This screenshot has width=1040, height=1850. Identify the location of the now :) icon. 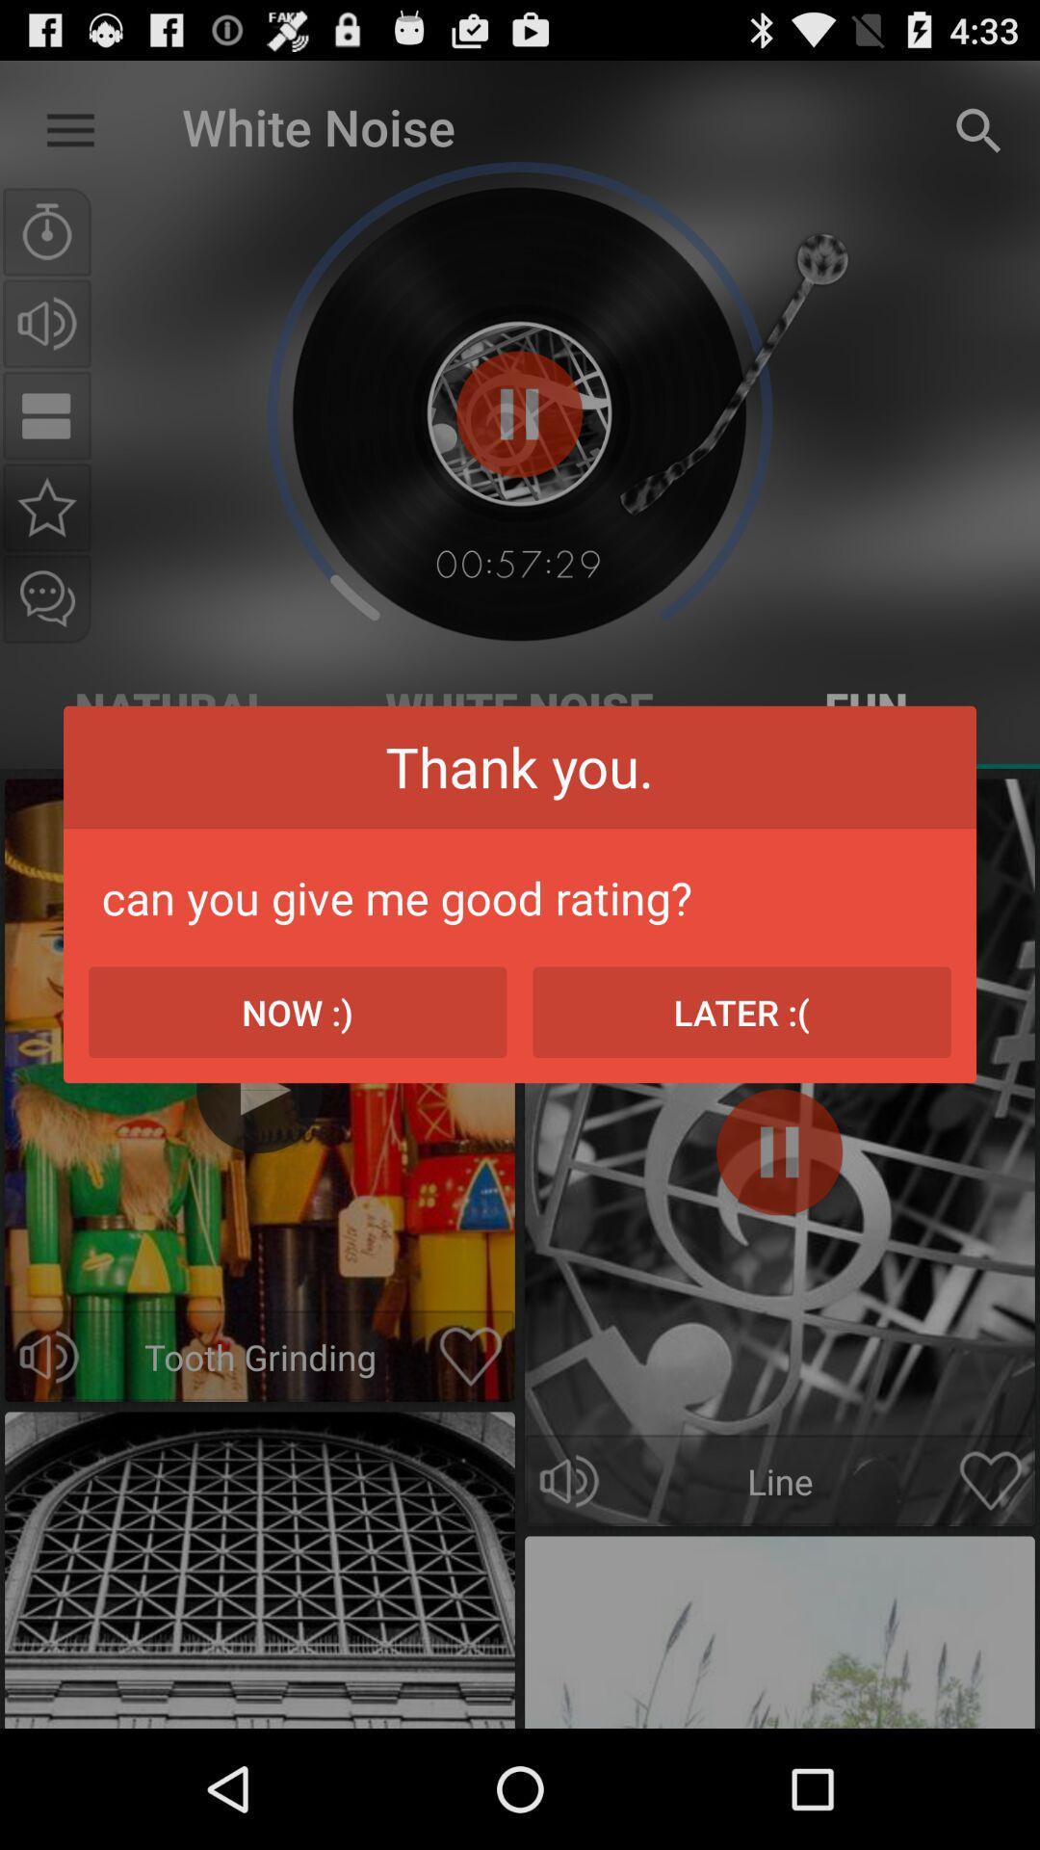
(298, 1011).